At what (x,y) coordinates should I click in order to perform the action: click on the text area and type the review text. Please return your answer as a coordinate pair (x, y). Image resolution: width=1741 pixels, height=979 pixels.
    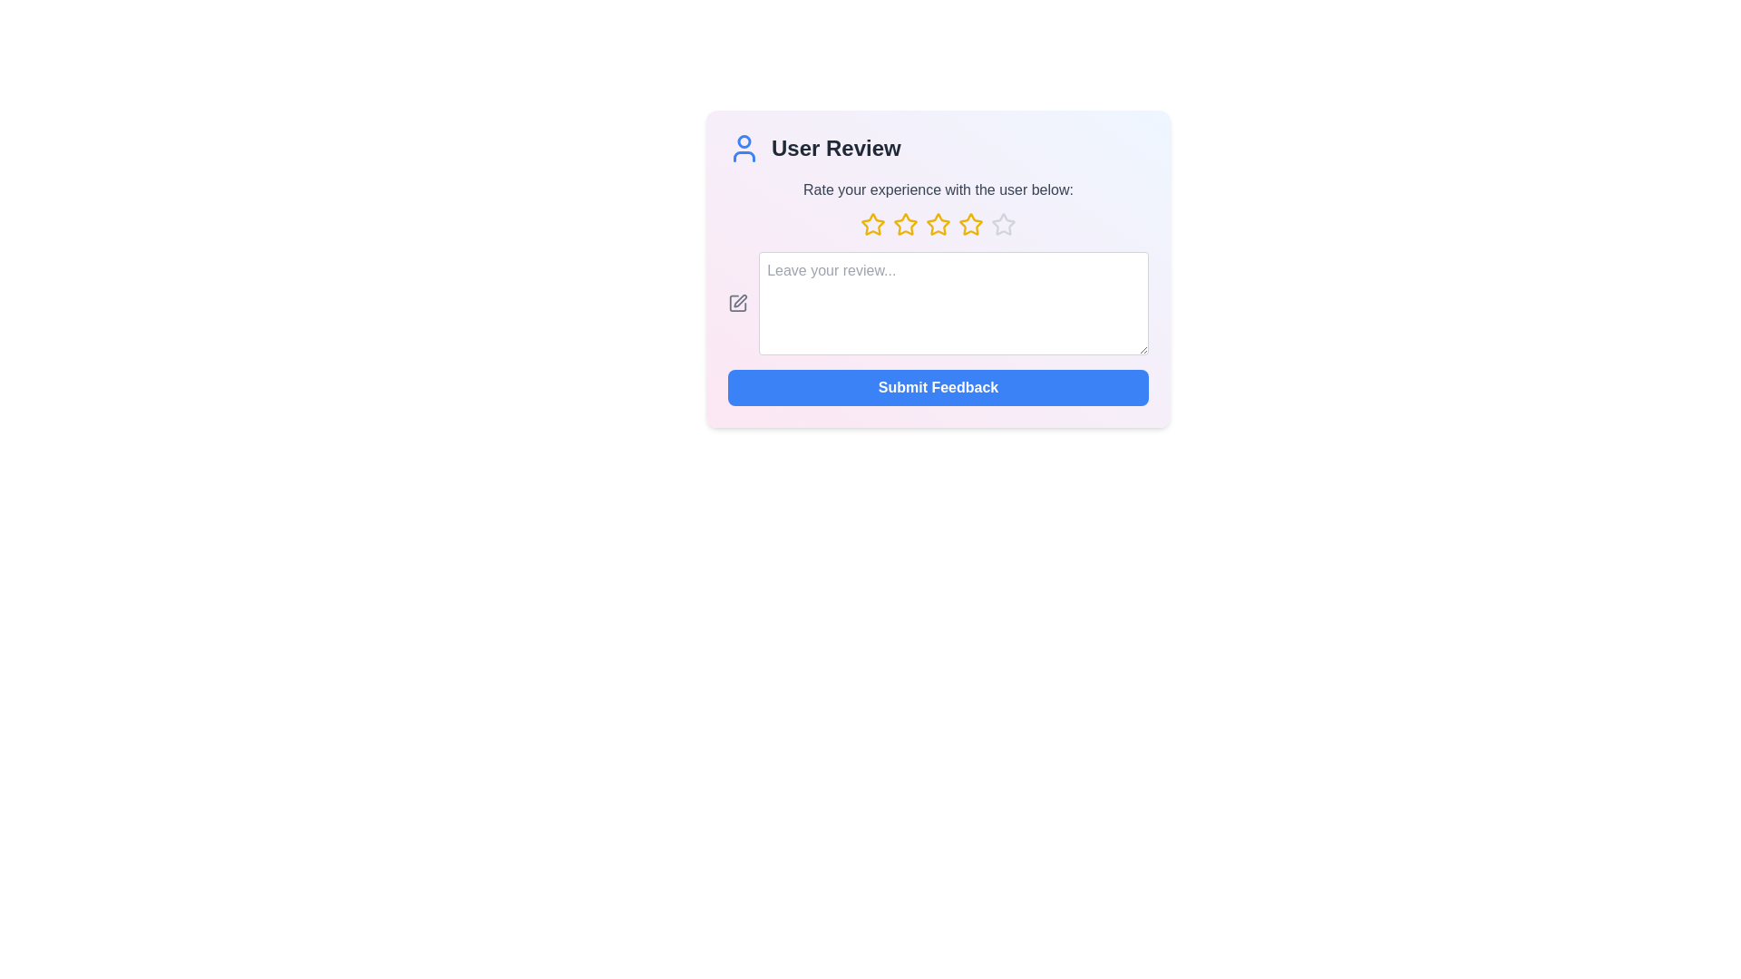
    Looking at the image, I should click on (952, 303).